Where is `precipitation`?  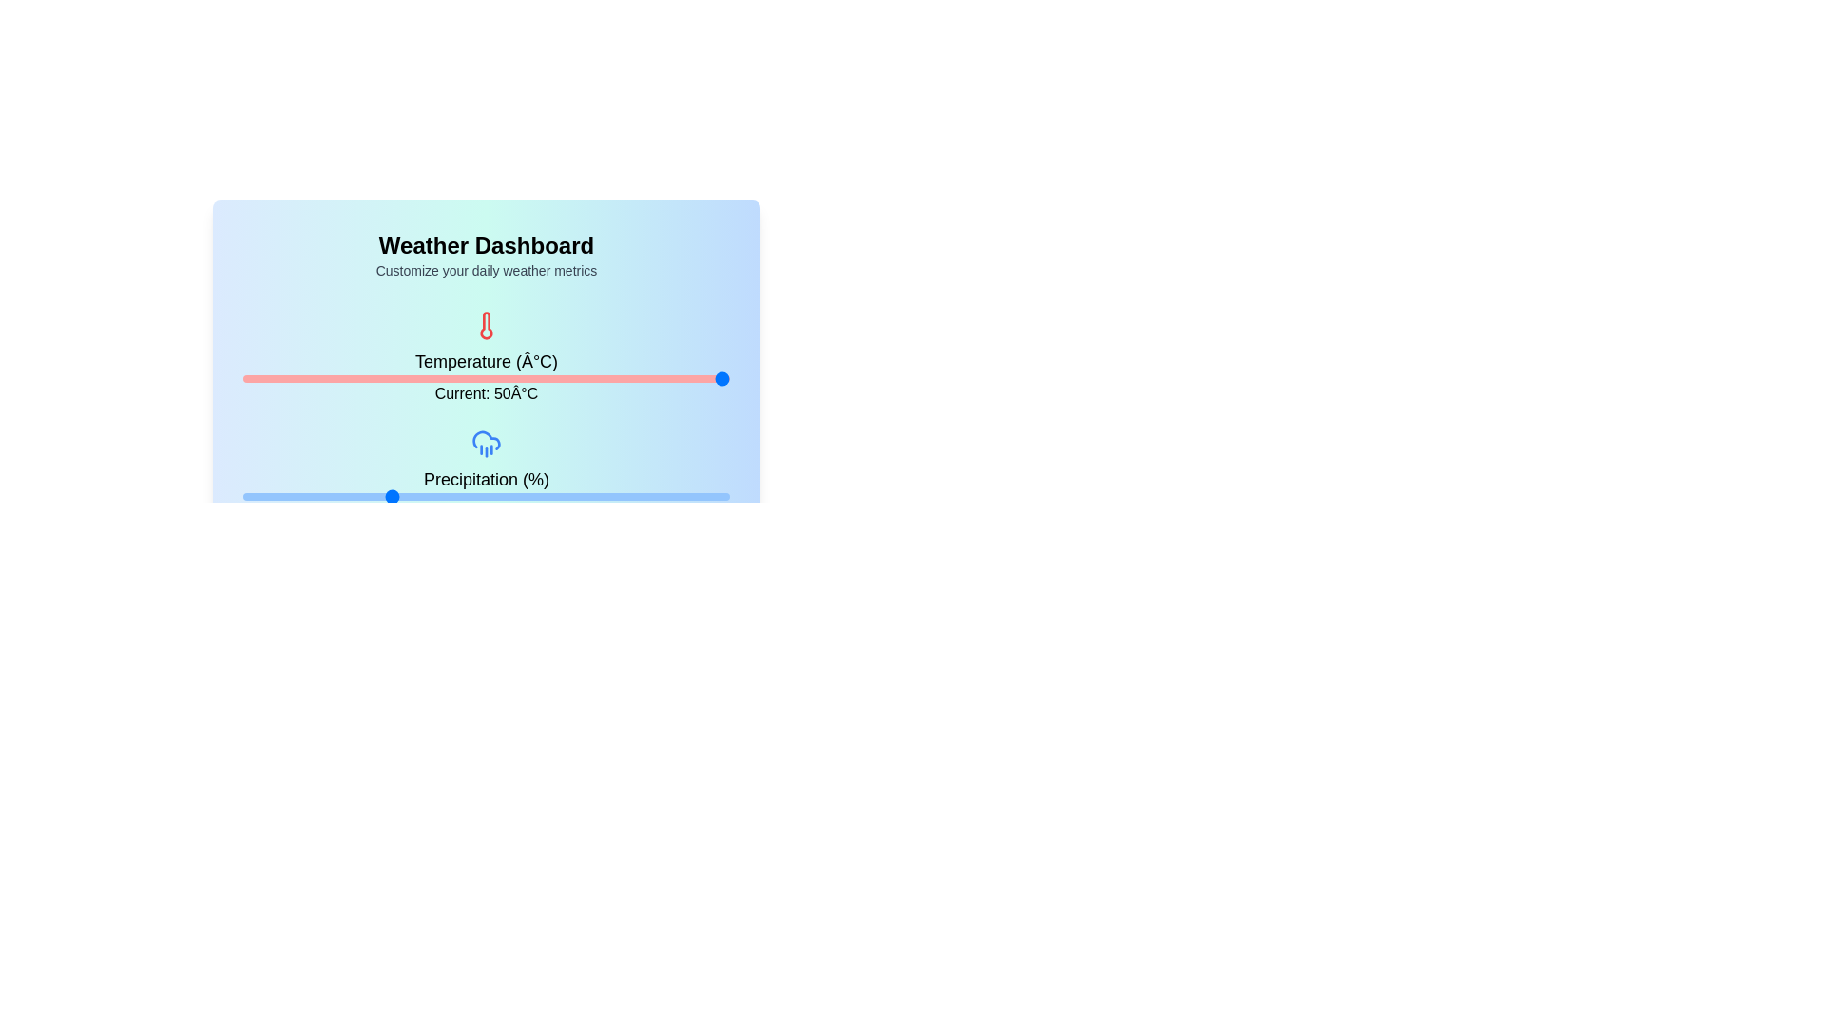
precipitation is located at coordinates (587, 496).